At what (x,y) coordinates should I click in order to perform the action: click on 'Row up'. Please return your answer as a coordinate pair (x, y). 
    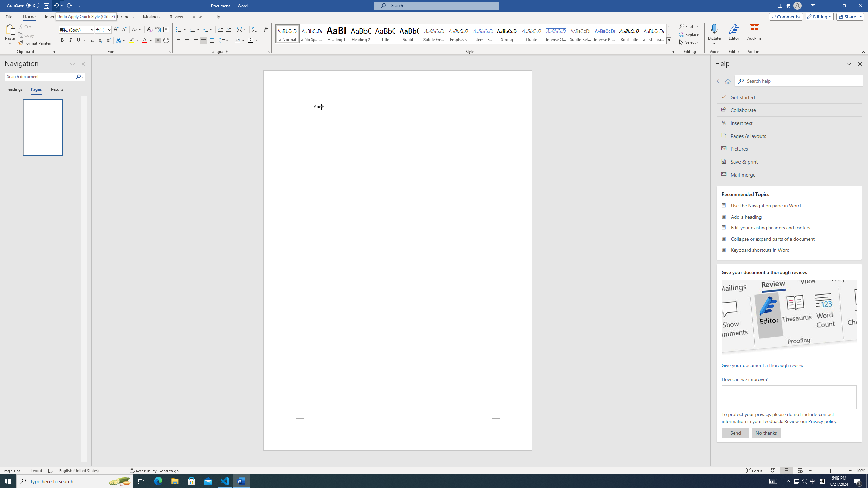
    Looking at the image, I should click on (669, 27).